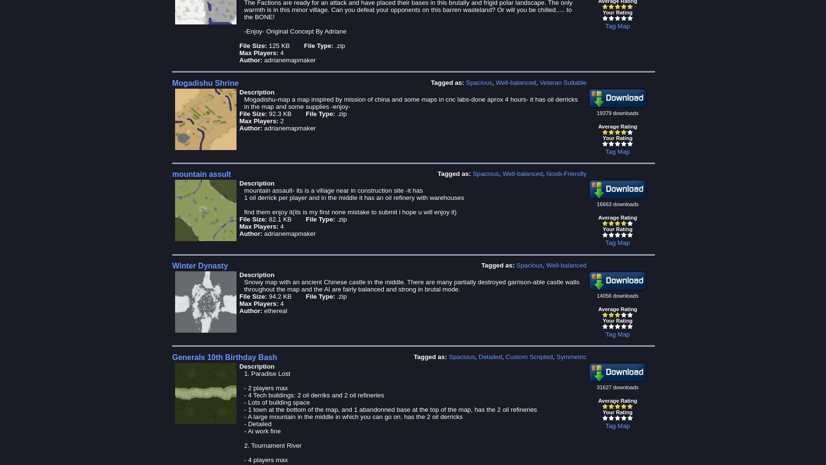 Image resolution: width=826 pixels, height=465 pixels. I want to click on '82.1 KB', so click(268, 219).